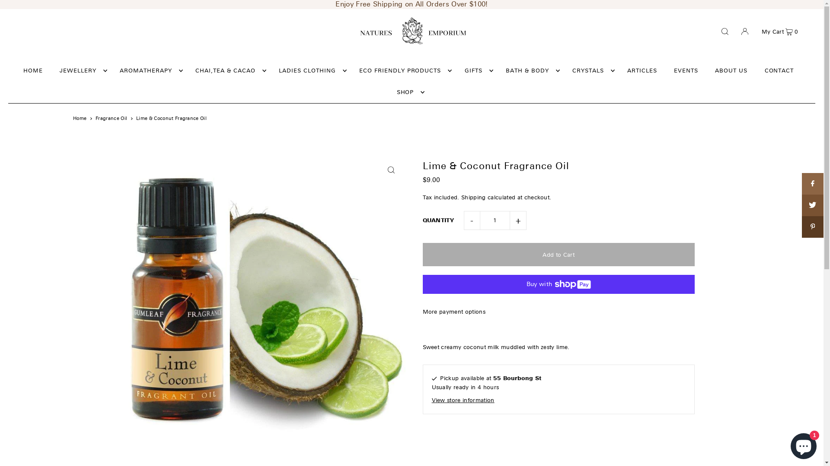 This screenshot has height=466, width=830. I want to click on 'CONTACT', so click(760, 70).